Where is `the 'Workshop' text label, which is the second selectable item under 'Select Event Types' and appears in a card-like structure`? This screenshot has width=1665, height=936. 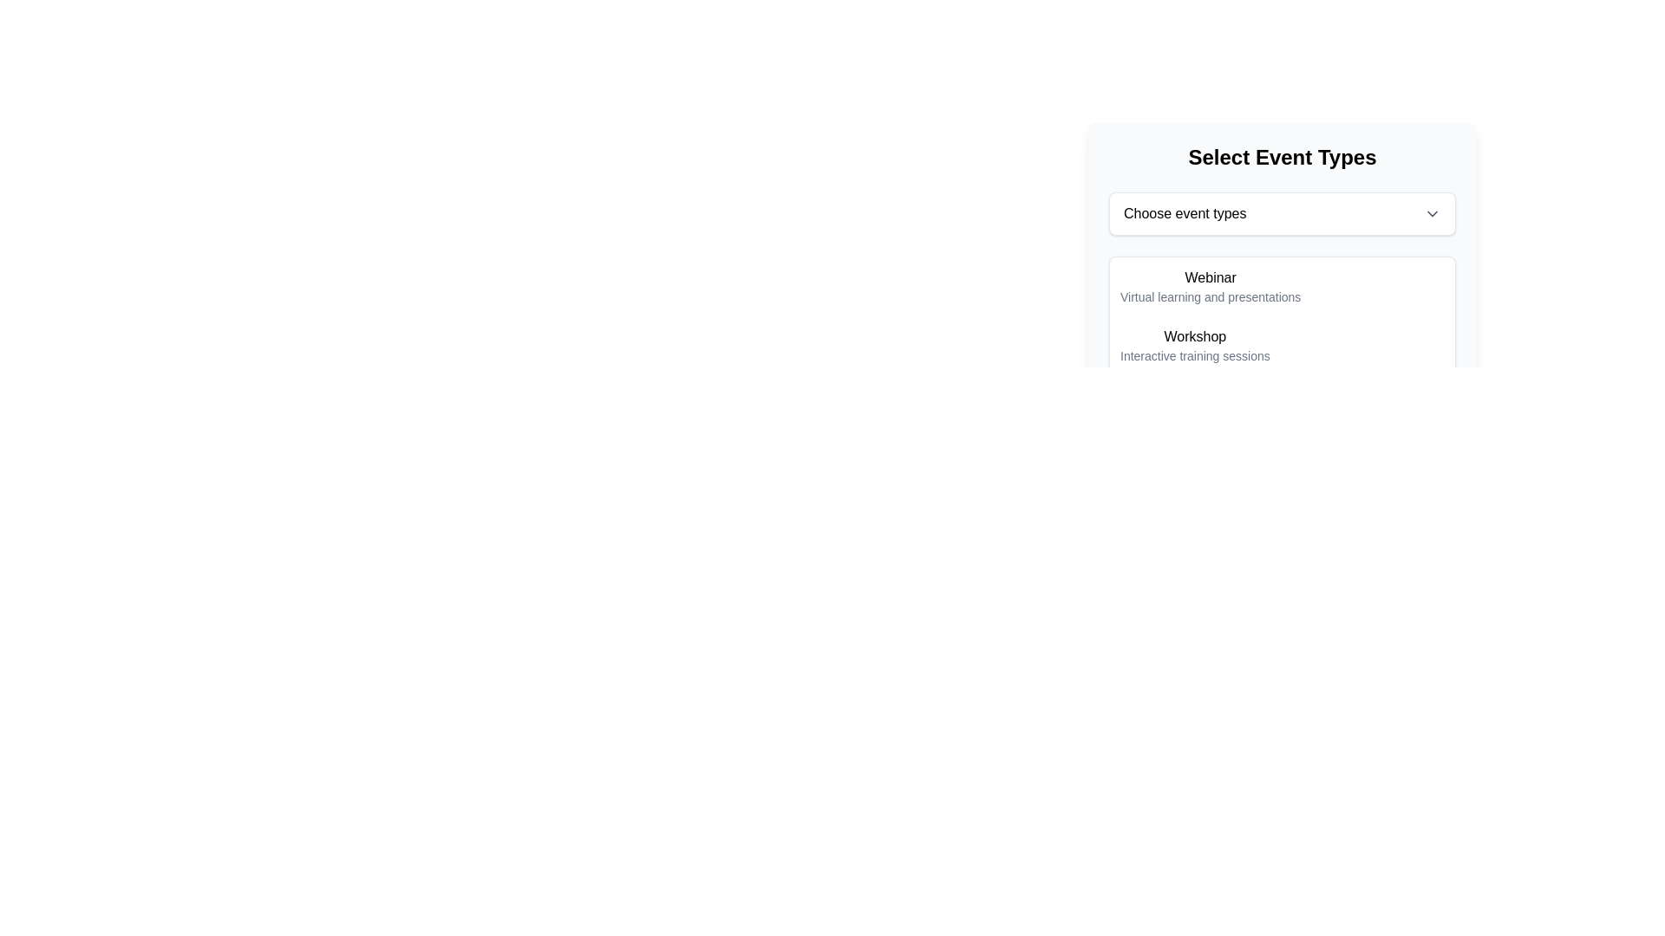 the 'Workshop' text label, which is the second selectable item under 'Select Event Types' and appears in a card-like structure is located at coordinates (1194, 345).